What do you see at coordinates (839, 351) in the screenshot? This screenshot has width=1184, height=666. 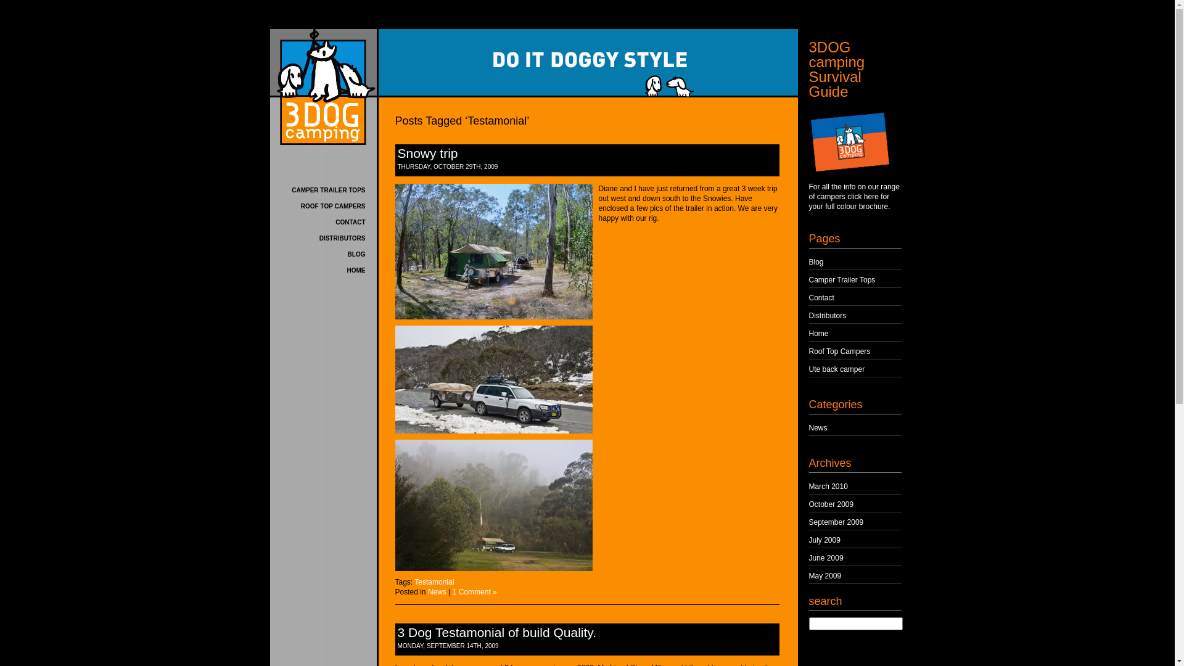 I see `'Roof Top Campers'` at bounding box center [839, 351].